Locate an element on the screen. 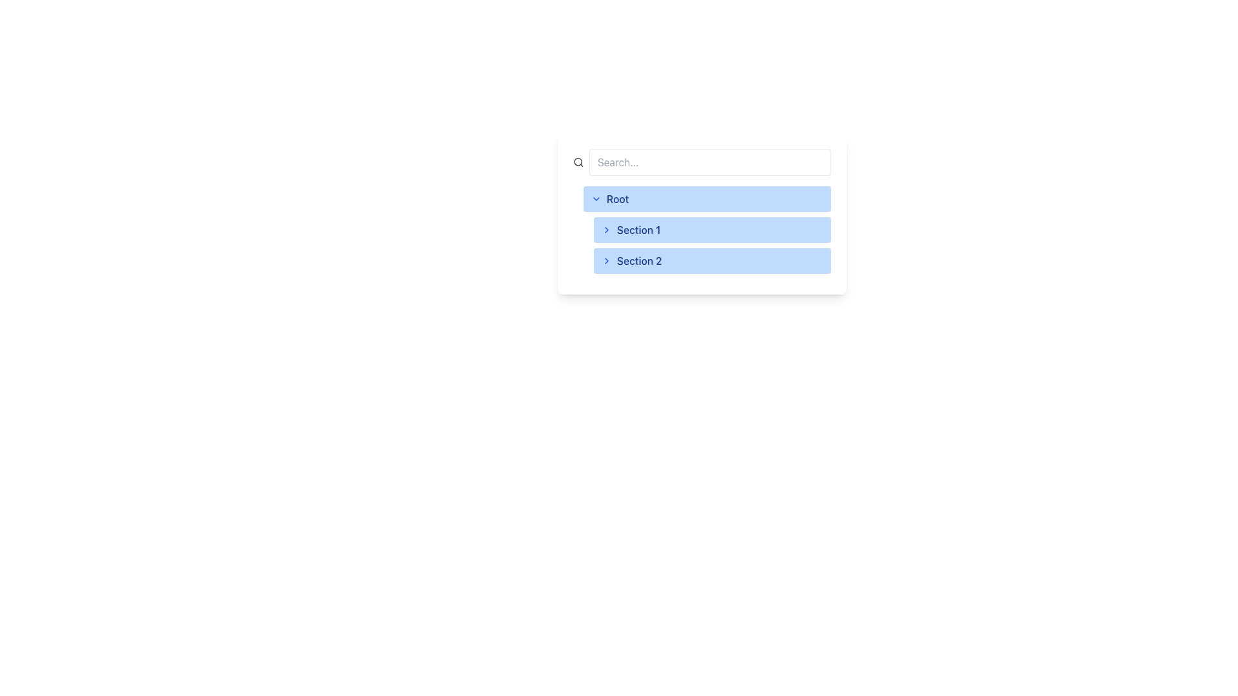 Image resolution: width=1238 pixels, height=696 pixels. the blue rightward-pointing chevron icon located to the left of 'Section 2' to indicate that it is an expandable section is located at coordinates (605, 261).